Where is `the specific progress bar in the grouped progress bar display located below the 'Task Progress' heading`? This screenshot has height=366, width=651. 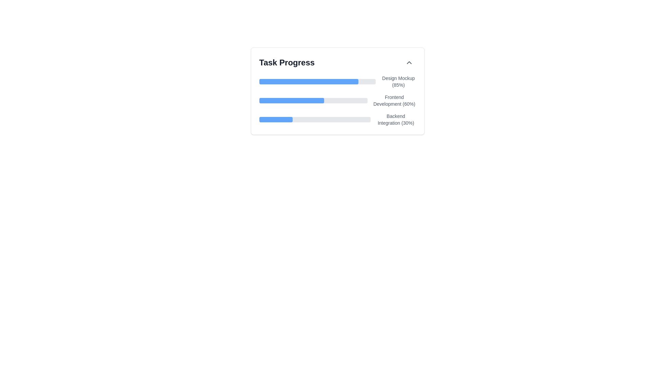 the specific progress bar in the grouped progress bar display located below the 'Task Progress' heading is located at coordinates (337, 101).